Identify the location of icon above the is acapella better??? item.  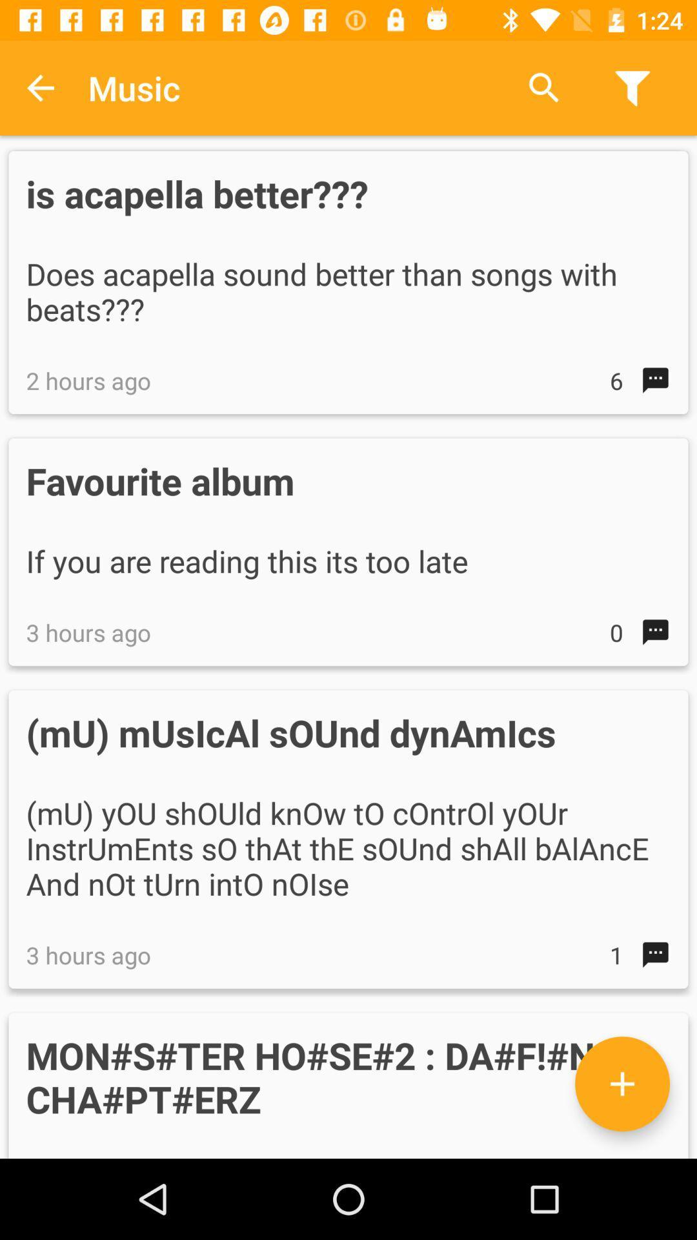
(544, 87).